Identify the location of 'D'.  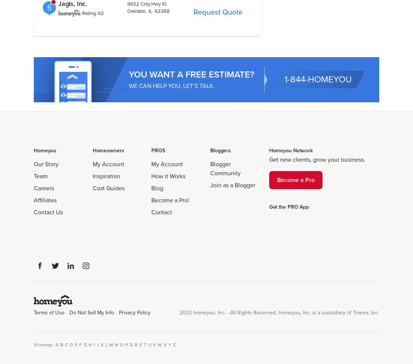
(71, 344).